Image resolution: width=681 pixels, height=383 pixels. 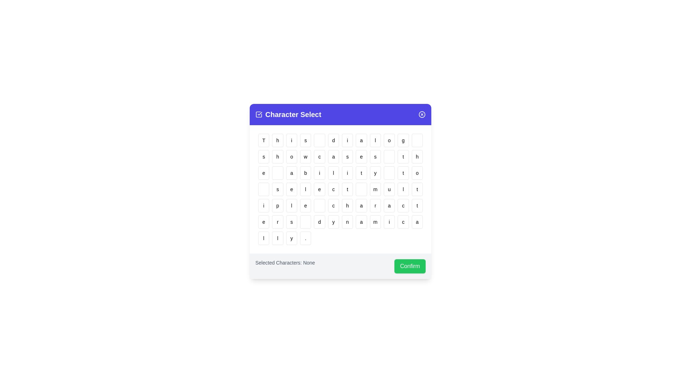 I want to click on the 'Confirm' button to confirm the character selection, so click(x=410, y=266).